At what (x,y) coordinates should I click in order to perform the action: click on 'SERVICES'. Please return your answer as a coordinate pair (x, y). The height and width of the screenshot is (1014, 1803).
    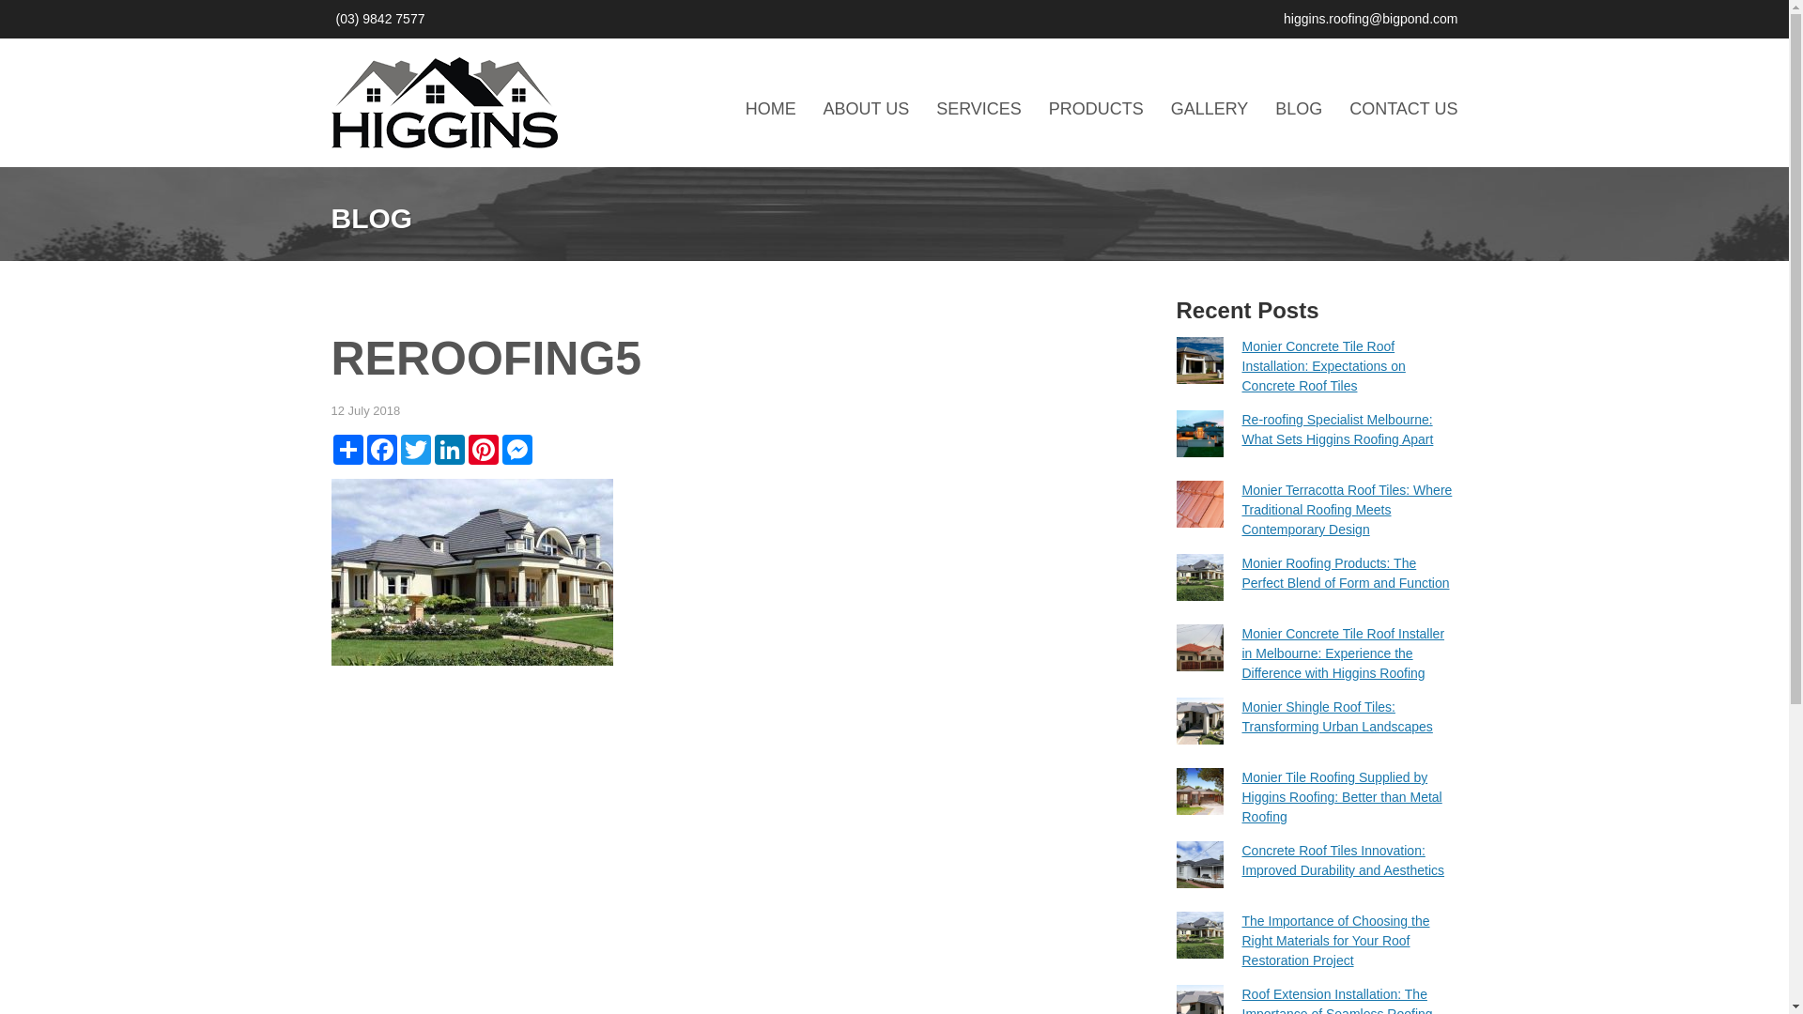
    Looking at the image, I should click on (978, 108).